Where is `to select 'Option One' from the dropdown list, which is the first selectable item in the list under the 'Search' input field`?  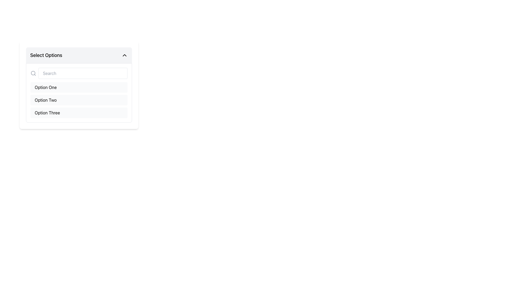
to select 'Option One' from the dropdown list, which is the first selectable item in the list under the 'Search' input field is located at coordinates (46, 87).